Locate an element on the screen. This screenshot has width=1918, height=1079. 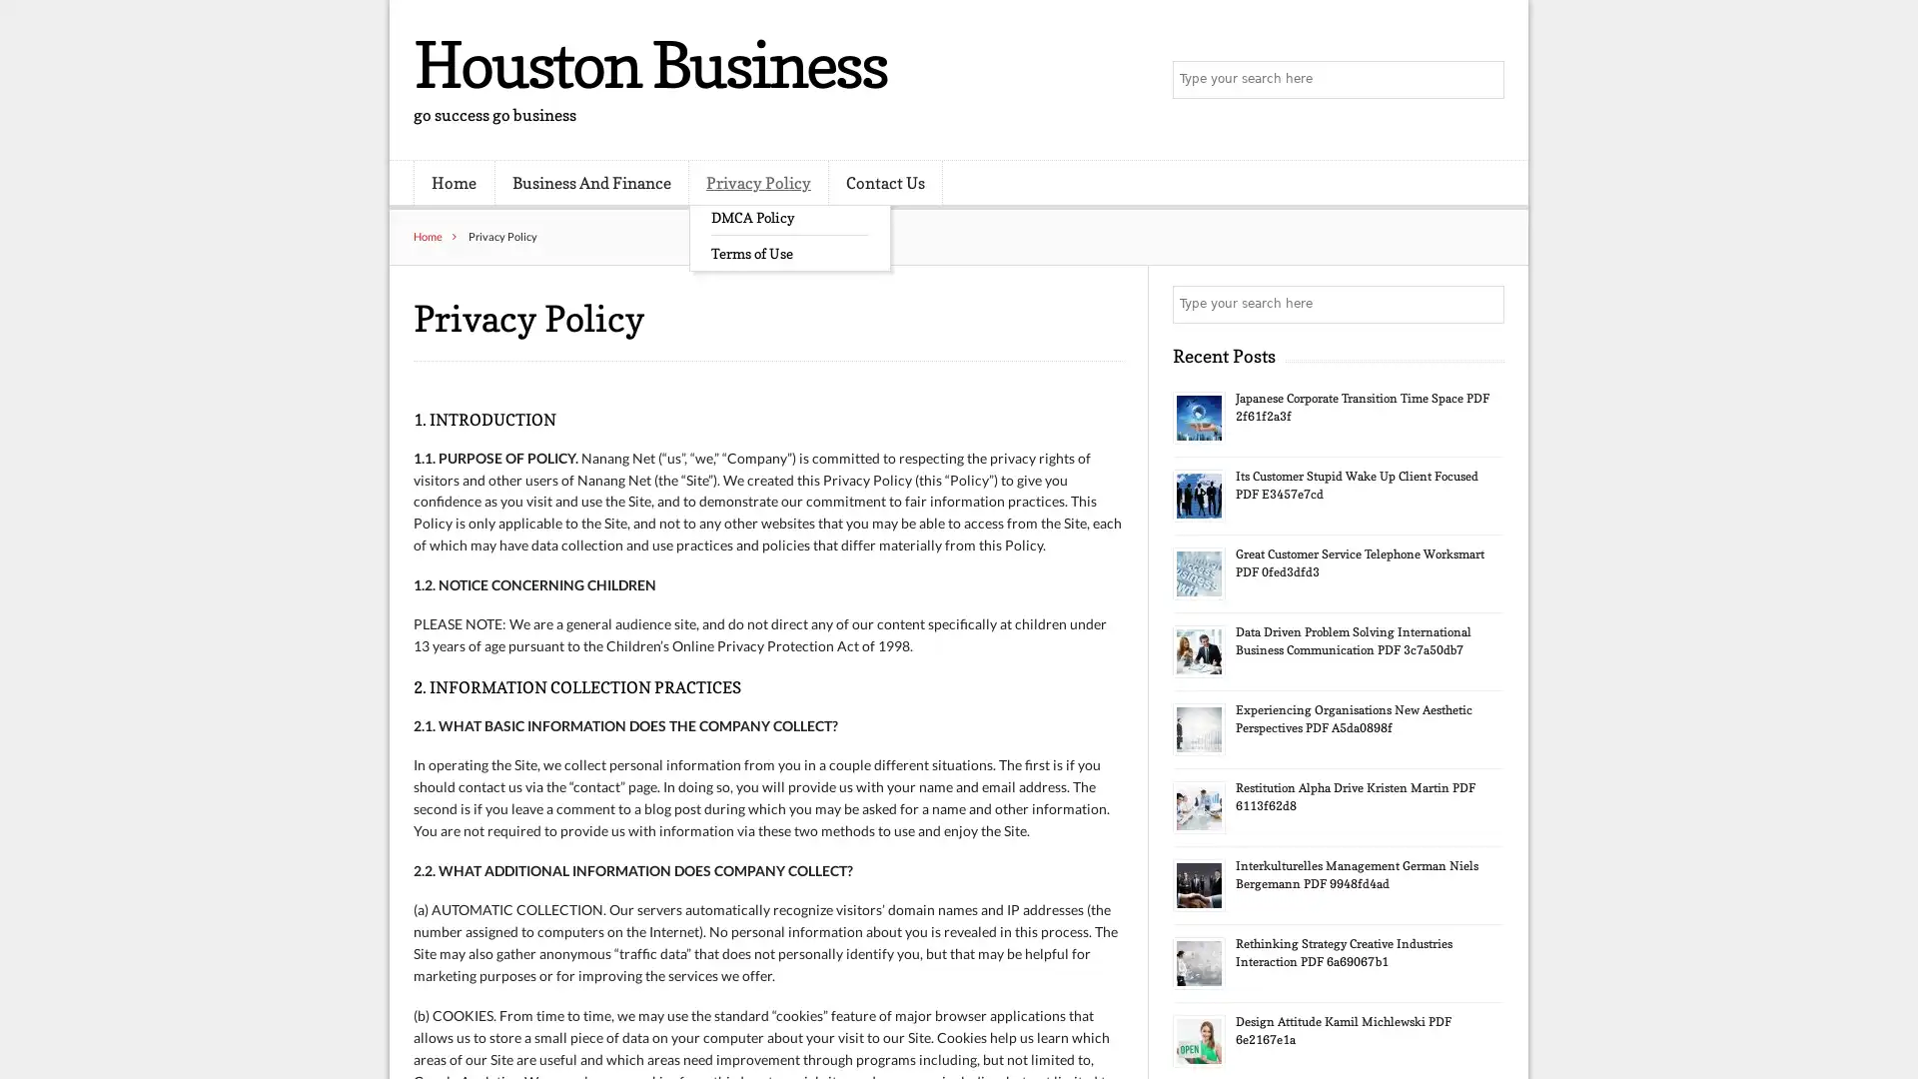
Search is located at coordinates (1483, 304).